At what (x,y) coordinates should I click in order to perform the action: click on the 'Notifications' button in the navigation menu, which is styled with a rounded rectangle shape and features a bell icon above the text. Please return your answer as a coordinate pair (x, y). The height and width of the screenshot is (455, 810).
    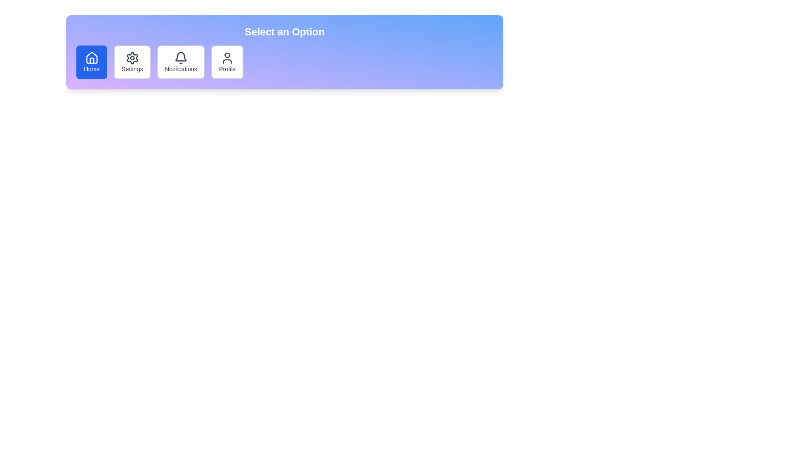
    Looking at the image, I should click on (181, 62).